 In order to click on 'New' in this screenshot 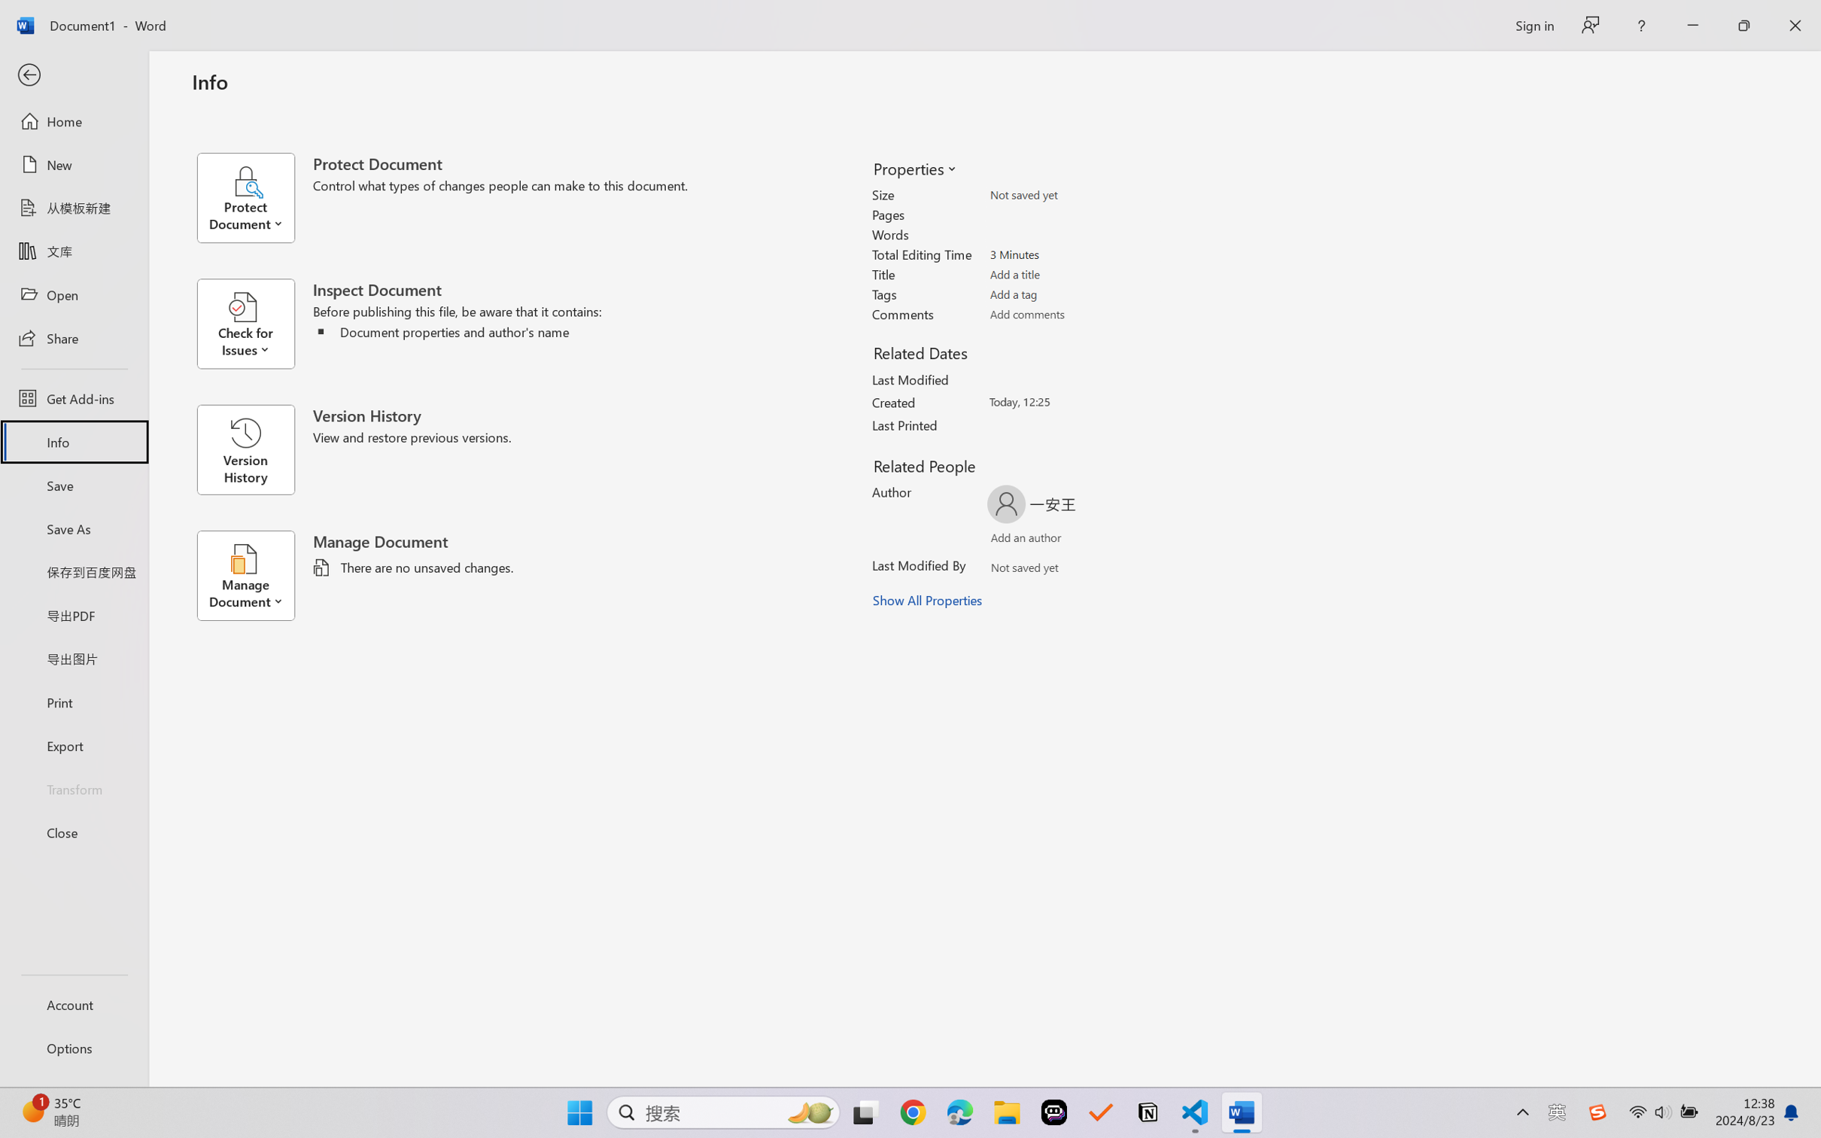, I will do `click(73, 163)`.